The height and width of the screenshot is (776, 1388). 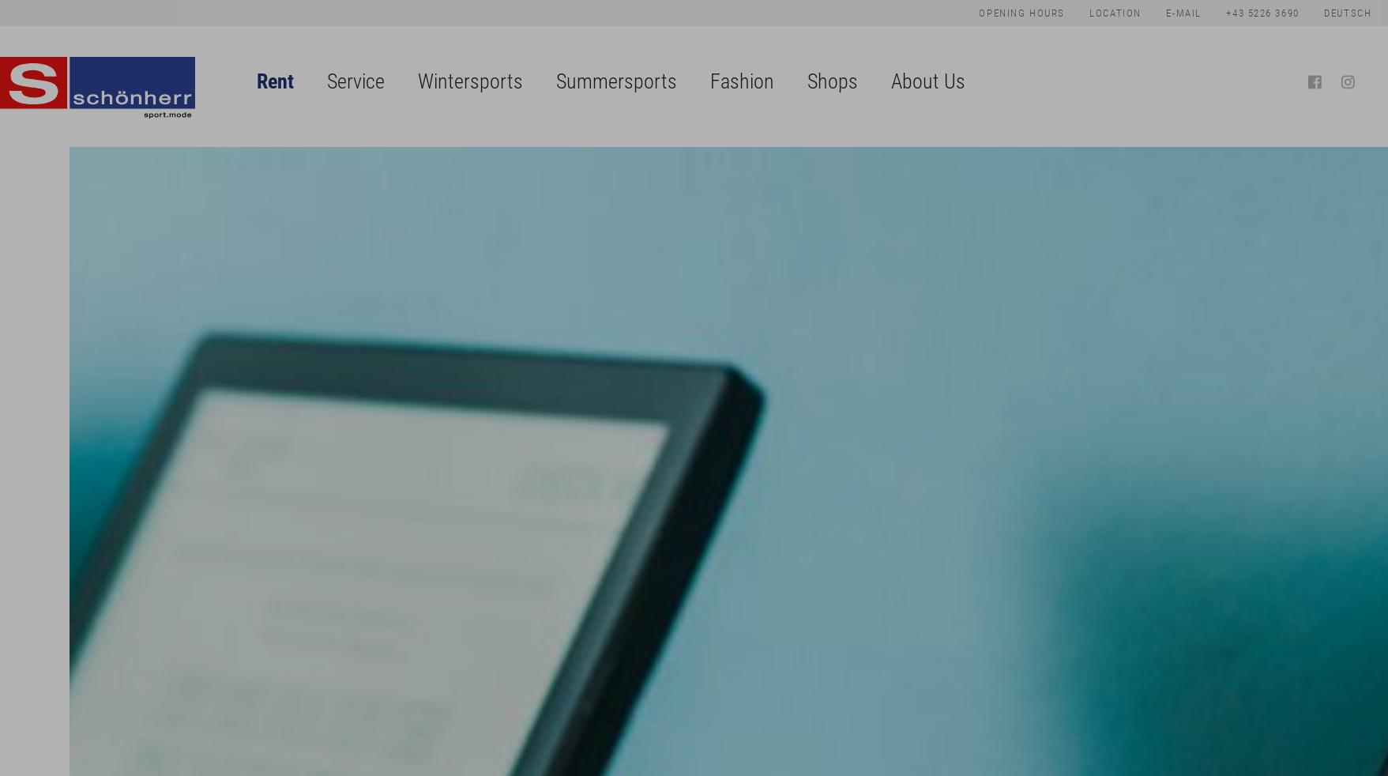 I want to click on 'About us', so click(x=927, y=146).